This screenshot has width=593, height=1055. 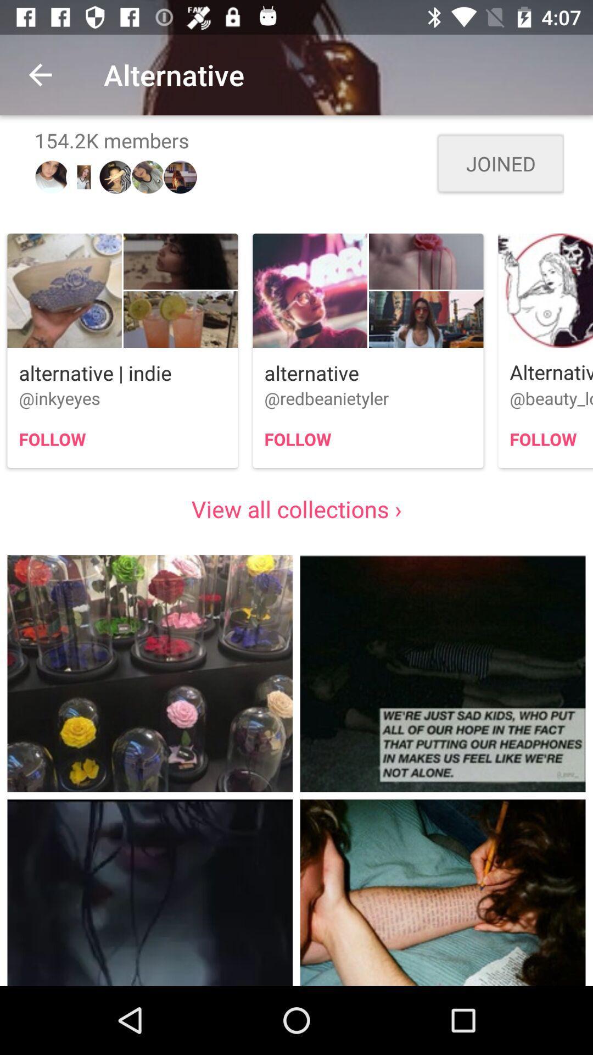 I want to click on second image below view all collections, so click(x=442, y=673).